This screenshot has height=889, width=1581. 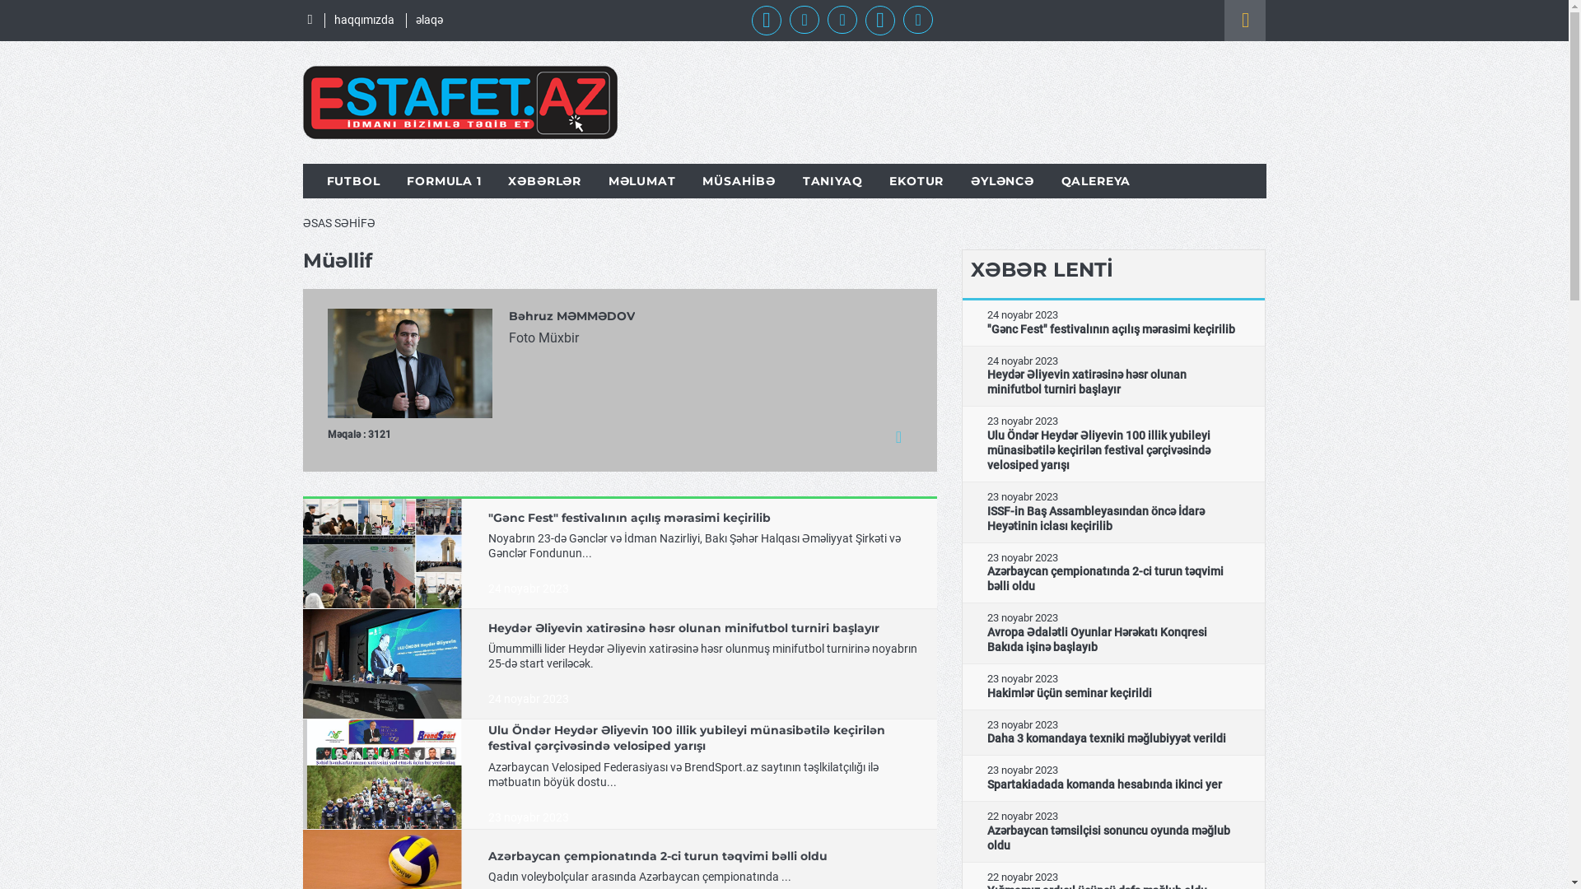 I want to click on 'QALEREYA', so click(x=1096, y=180).